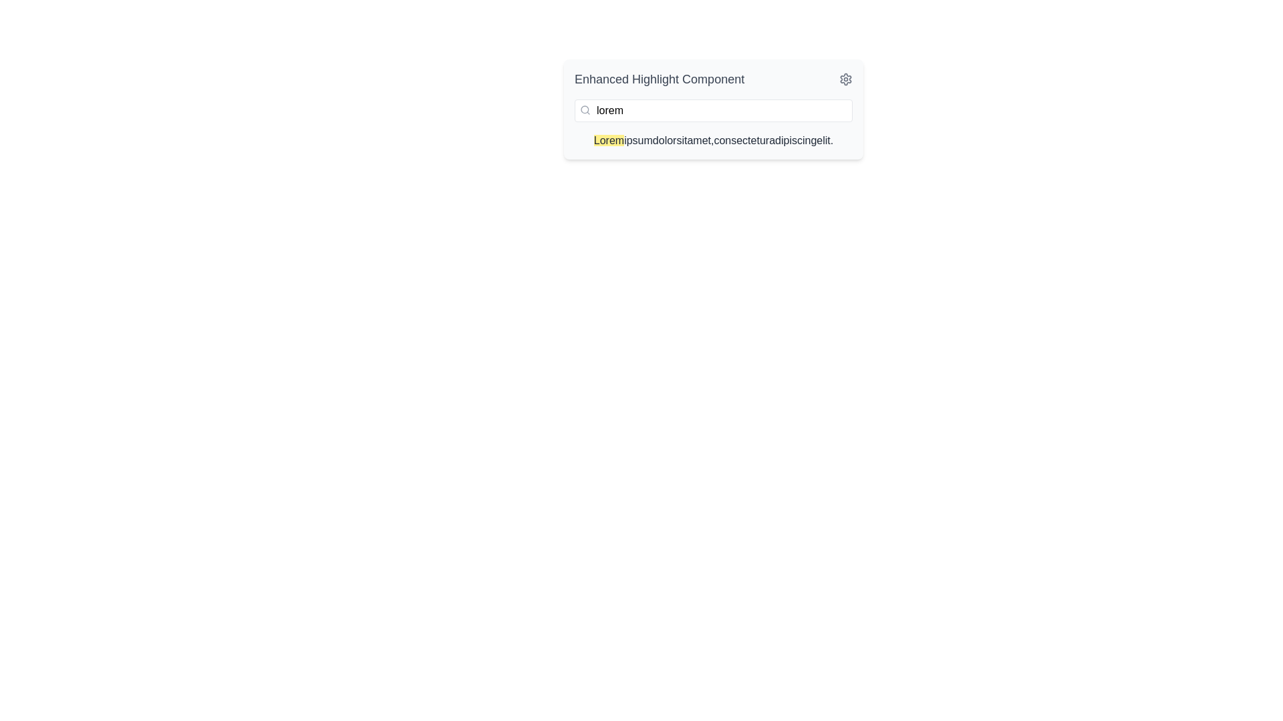 Image resolution: width=1283 pixels, height=721 pixels. I want to click on the highlighted text fragment displaying the word 'Lorem', which has a yellow background and is the first word in the sentence 'Lorem ipsum dolor sit amet, consectetur adipiscing elit.', so click(608, 140).